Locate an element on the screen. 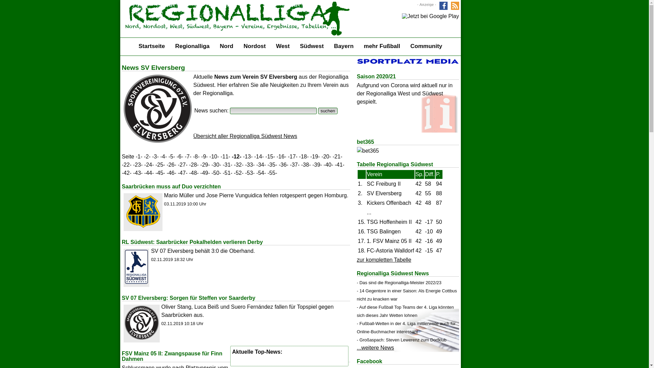 The height and width of the screenshot is (368, 654). '-50-' is located at coordinates (216, 172).